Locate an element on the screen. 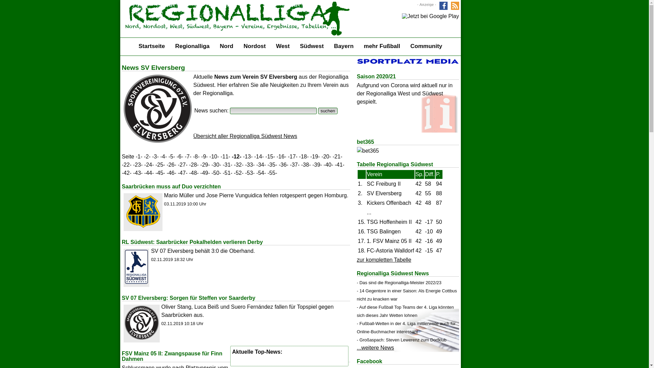 The height and width of the screenshot is (368, 654). '-50-' is located at coordinates (216, 172).